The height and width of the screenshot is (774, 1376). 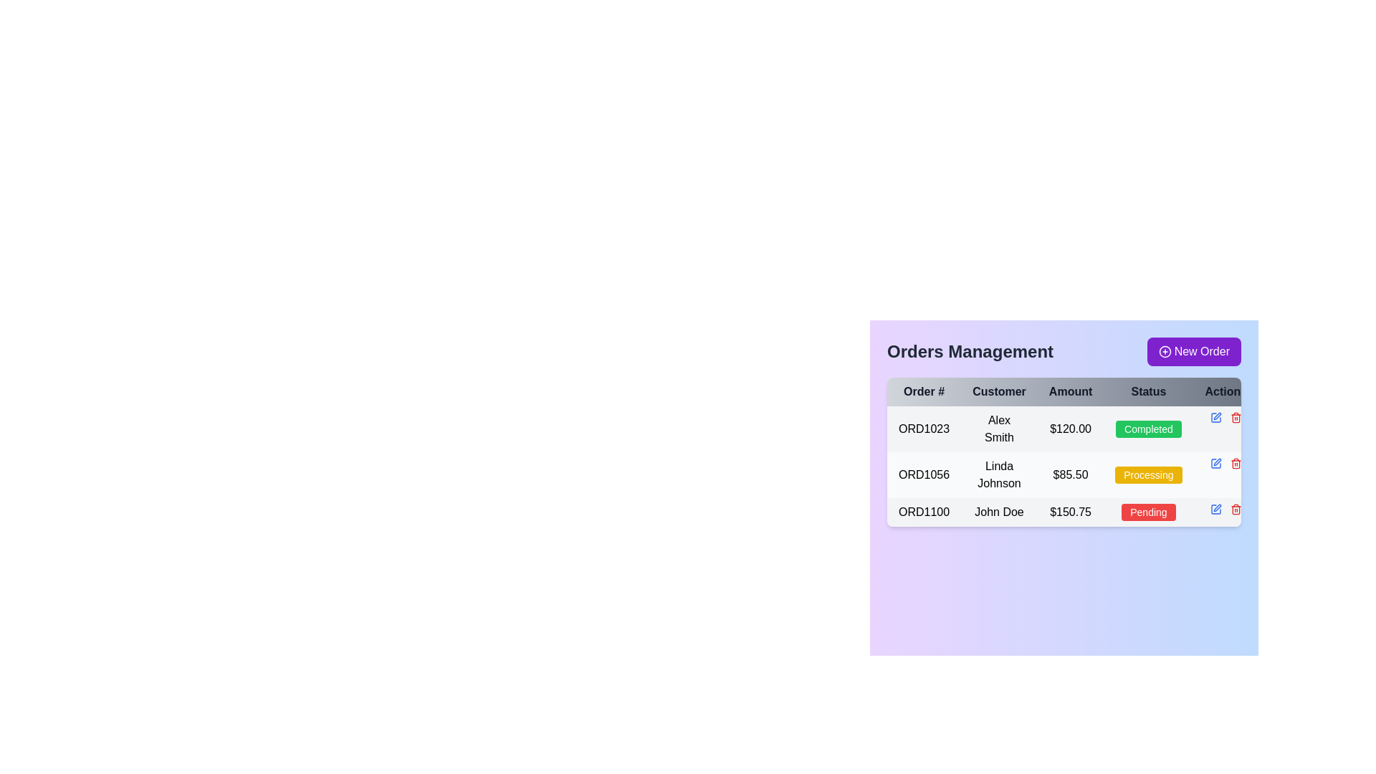 What do you see at coordinates (924, 392) in the screenshot?
I see `the 'Order #' header text label in the table, which is the first item in the row of table headers, located at the top-left corner of the table` at bounding box center [924, 392].